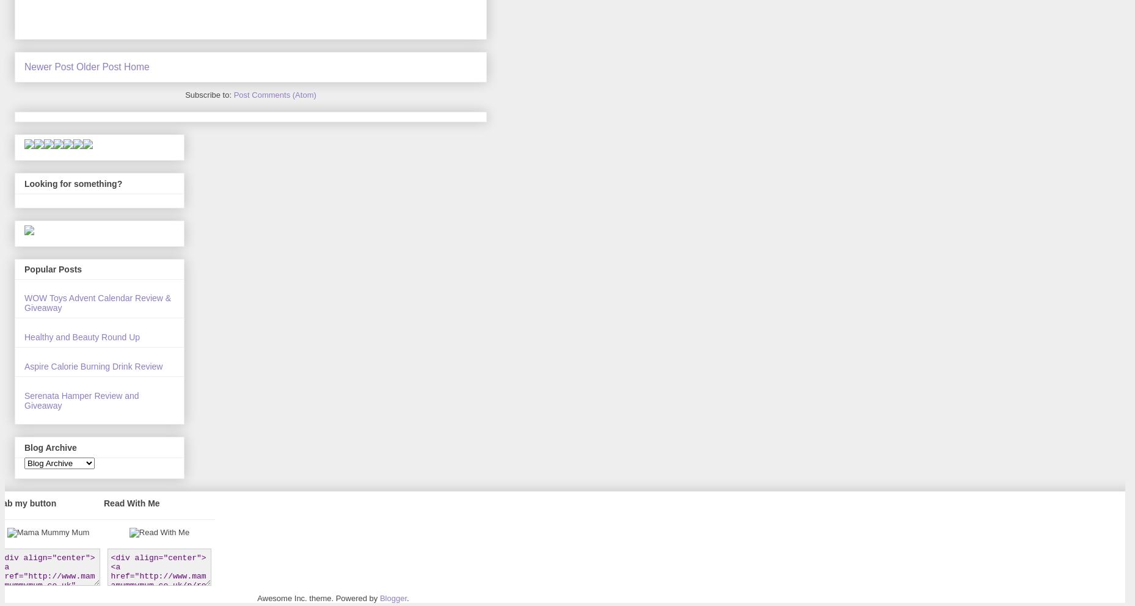  What do you see at coordinates (73, 183) in the screenshot?
I see `'Looking for something?'` at bounding box center [73, 183].